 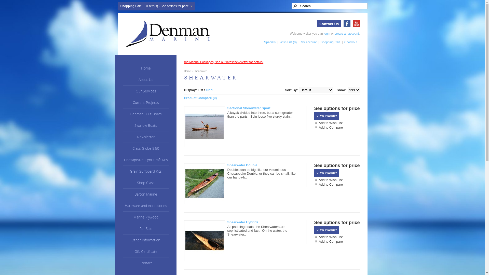 What do you see at coordinates (337, 180) in the screenshot?
I see `'Add to Wish List'` at bounding box center [337, 180].